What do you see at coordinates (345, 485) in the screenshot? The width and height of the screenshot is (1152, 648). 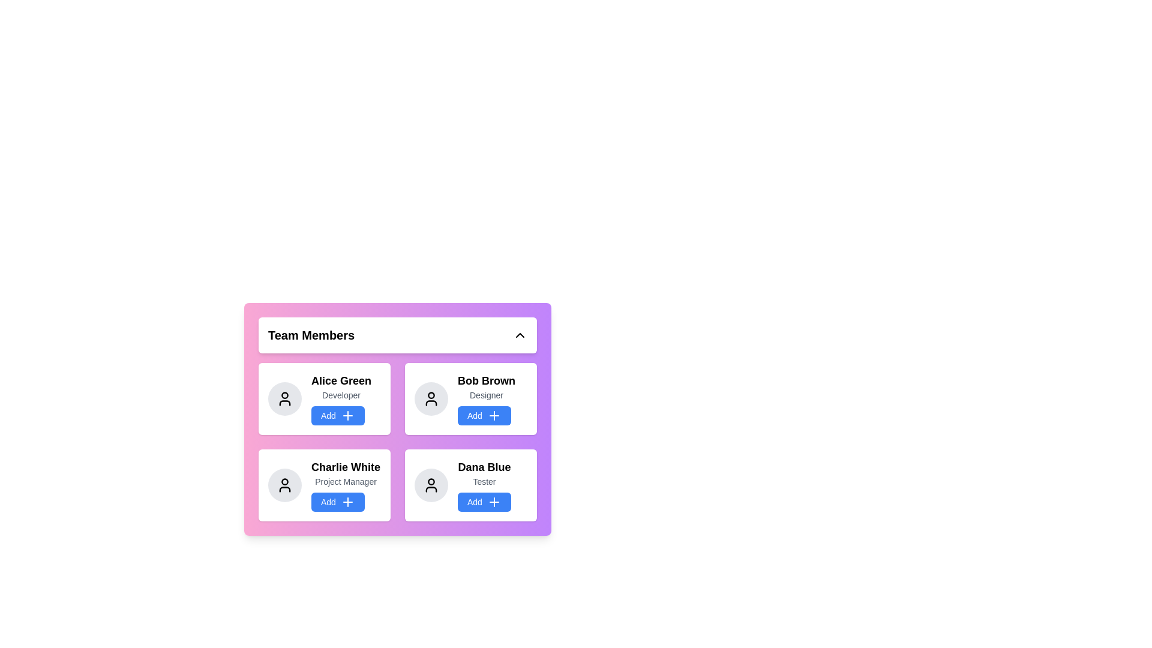 I see `the 'Add' button in the team member profile UI element located in the lower-left quadrant of the grid layout` at bounding box center [345, 485].